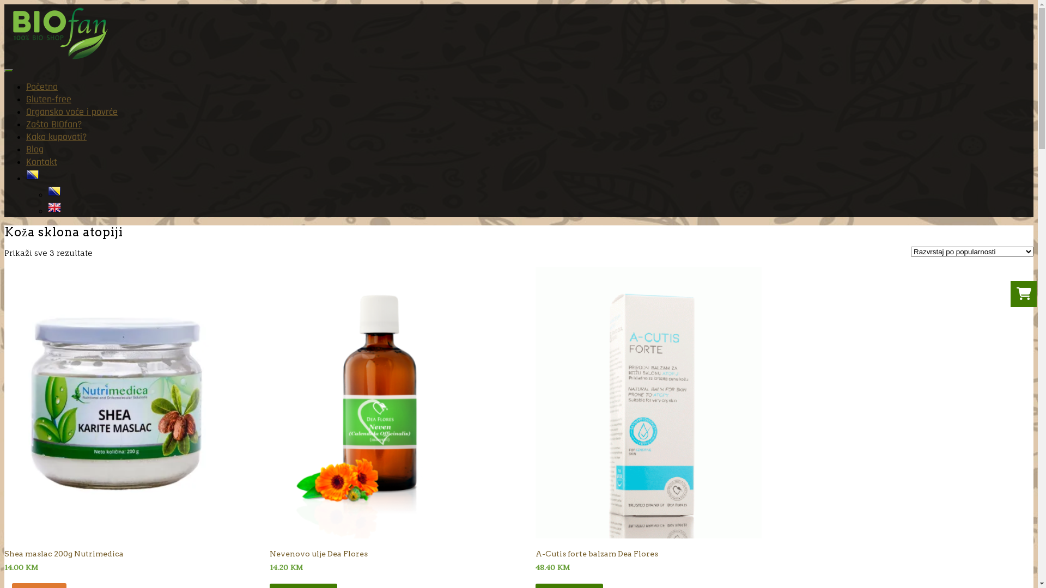 The image size is (1046, 588). Describe the element at coordinates (26, 149) in the screenshot. I see `'Blog'` at that location.